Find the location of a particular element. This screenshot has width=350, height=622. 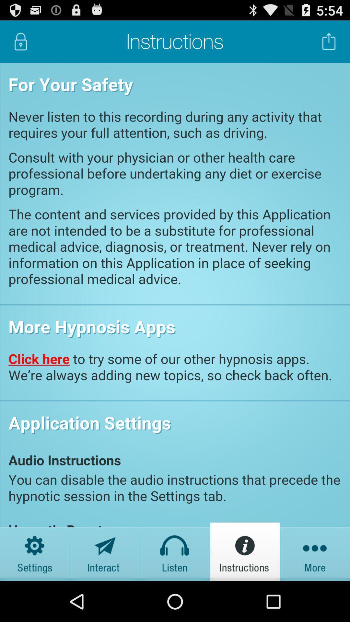

the launch icon is located at coordinates (329, 44).